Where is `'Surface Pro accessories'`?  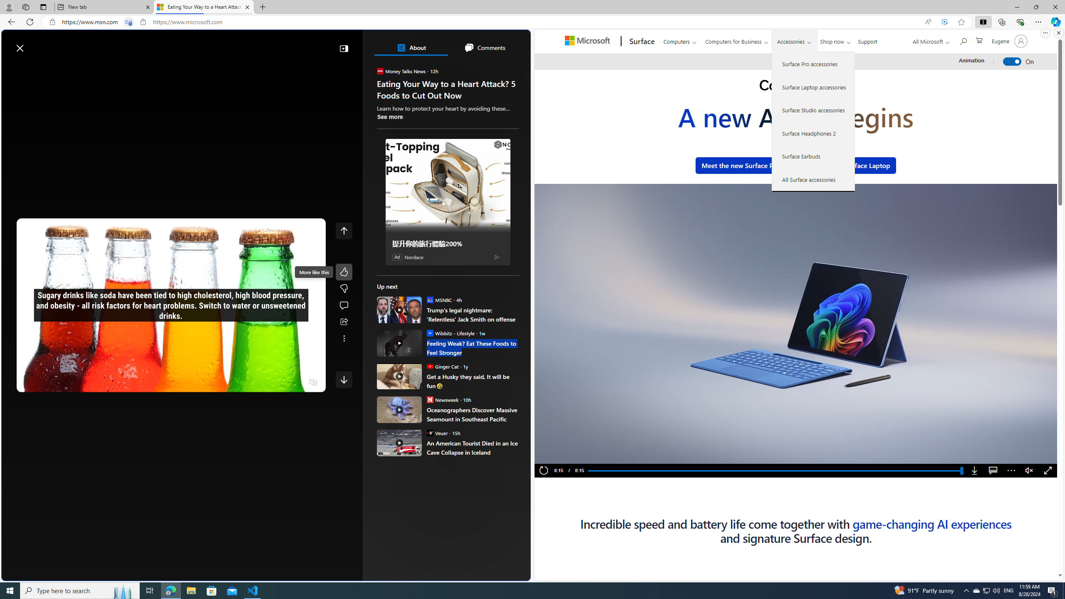
'Surface Pro accessories' is located at coordinates (813, 64).